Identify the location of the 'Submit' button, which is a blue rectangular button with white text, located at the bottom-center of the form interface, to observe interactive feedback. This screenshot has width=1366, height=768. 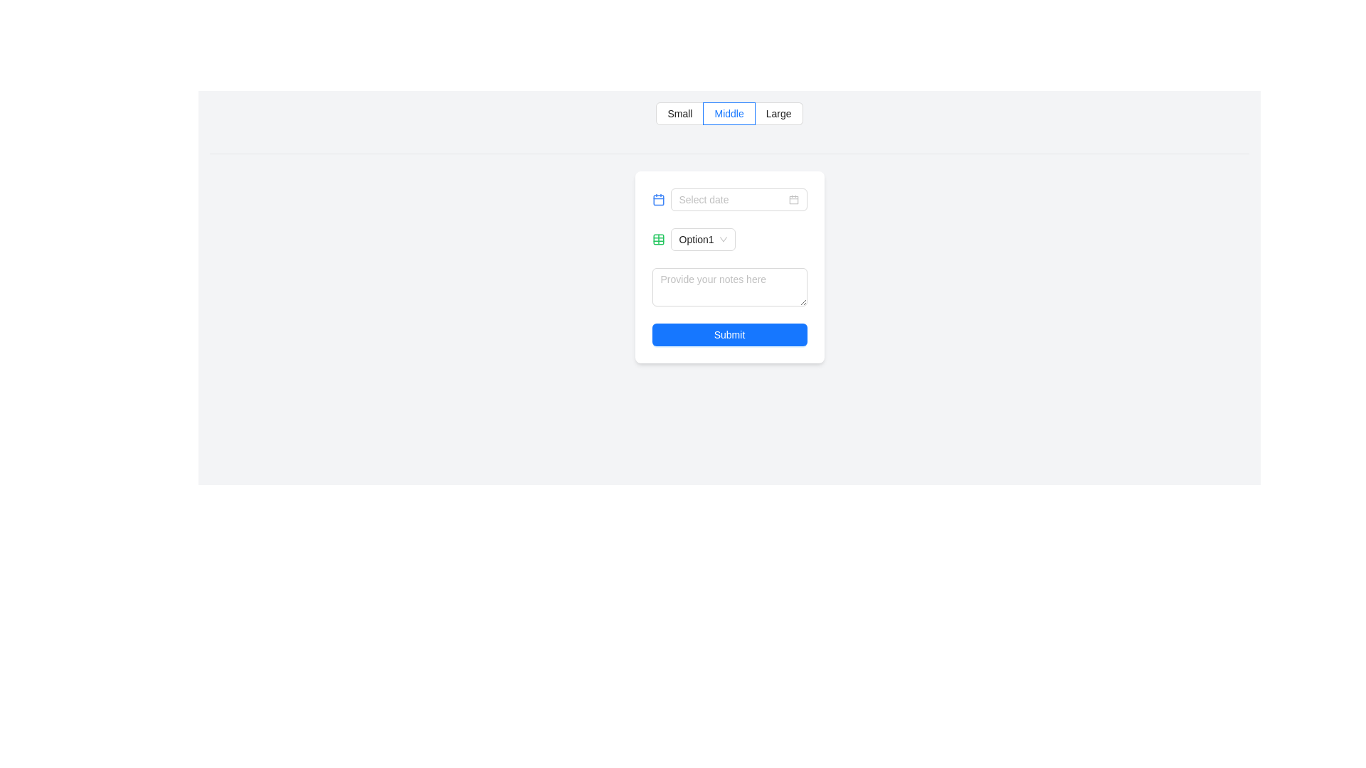
(729, 334).